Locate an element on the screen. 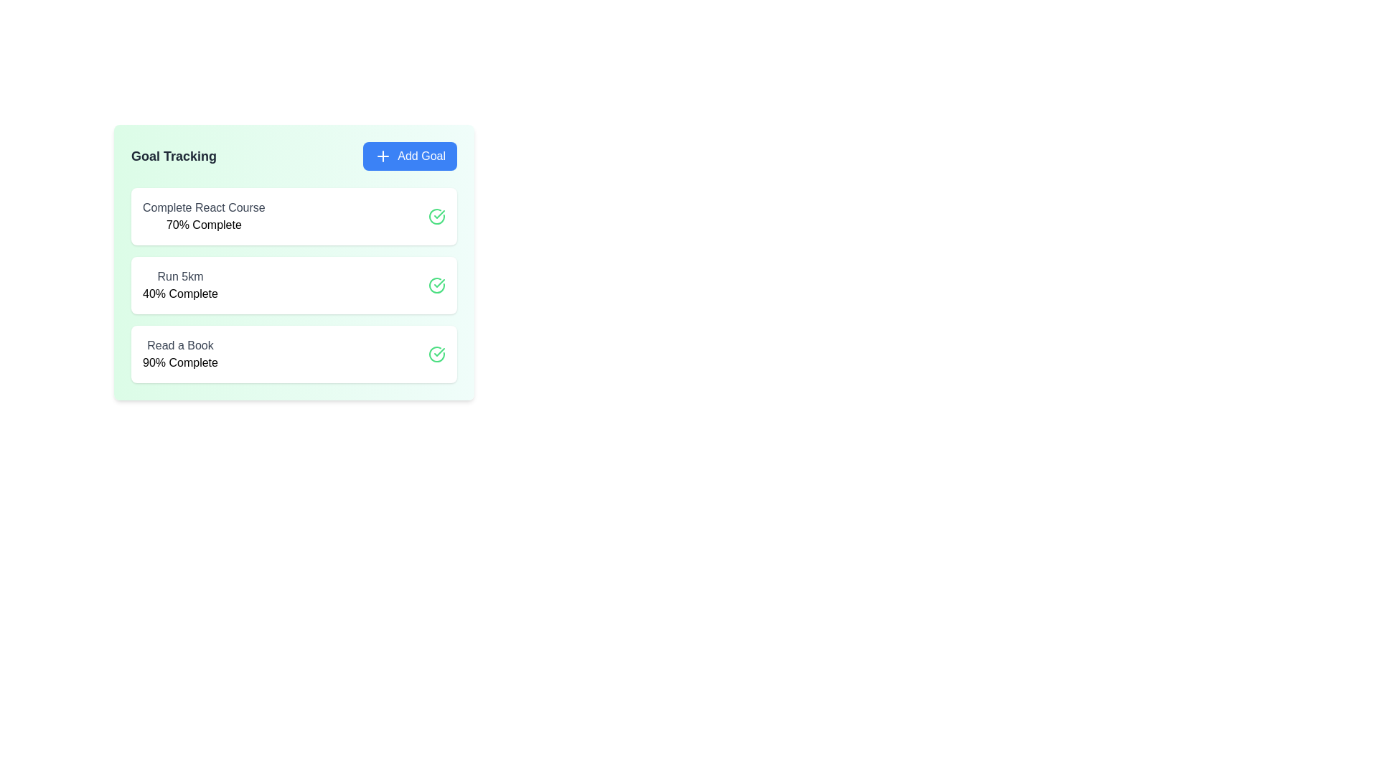 The image size is (1378, 775). the button located at the top-right corner of the 'Goal Tracking' section is located at coordinates (409, 156).